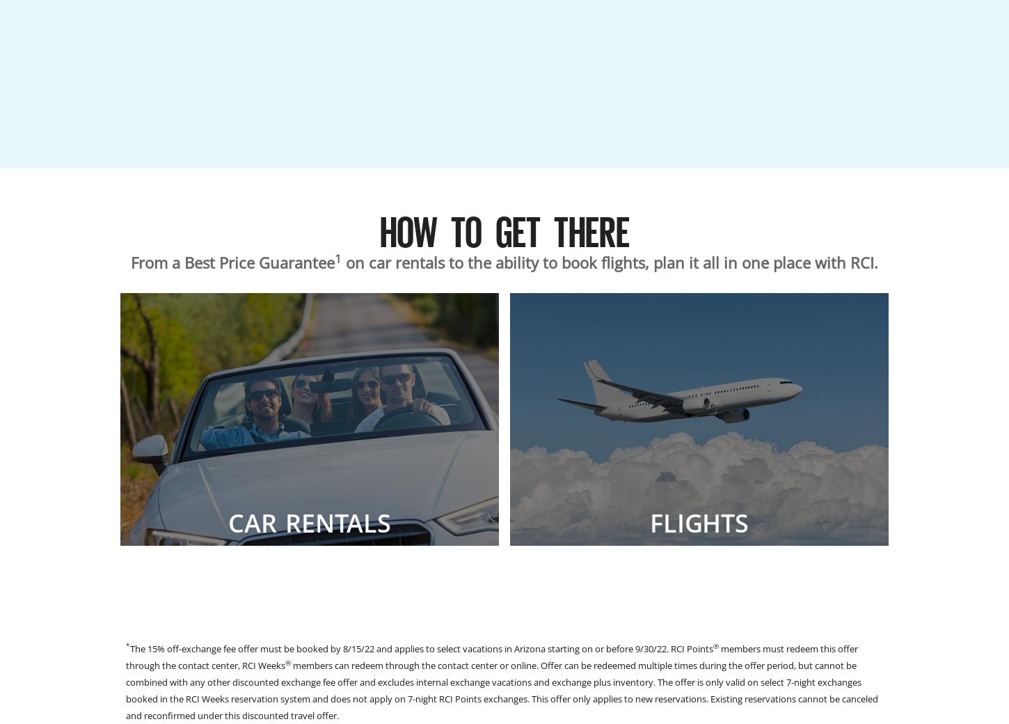 This screenshot has height=724, width=1009. Describe the element at coordinates (609, 262) in the screenshot. I see `'on car rentals to the ability to book flights, plan it all in one place with RCI.'` at that location.